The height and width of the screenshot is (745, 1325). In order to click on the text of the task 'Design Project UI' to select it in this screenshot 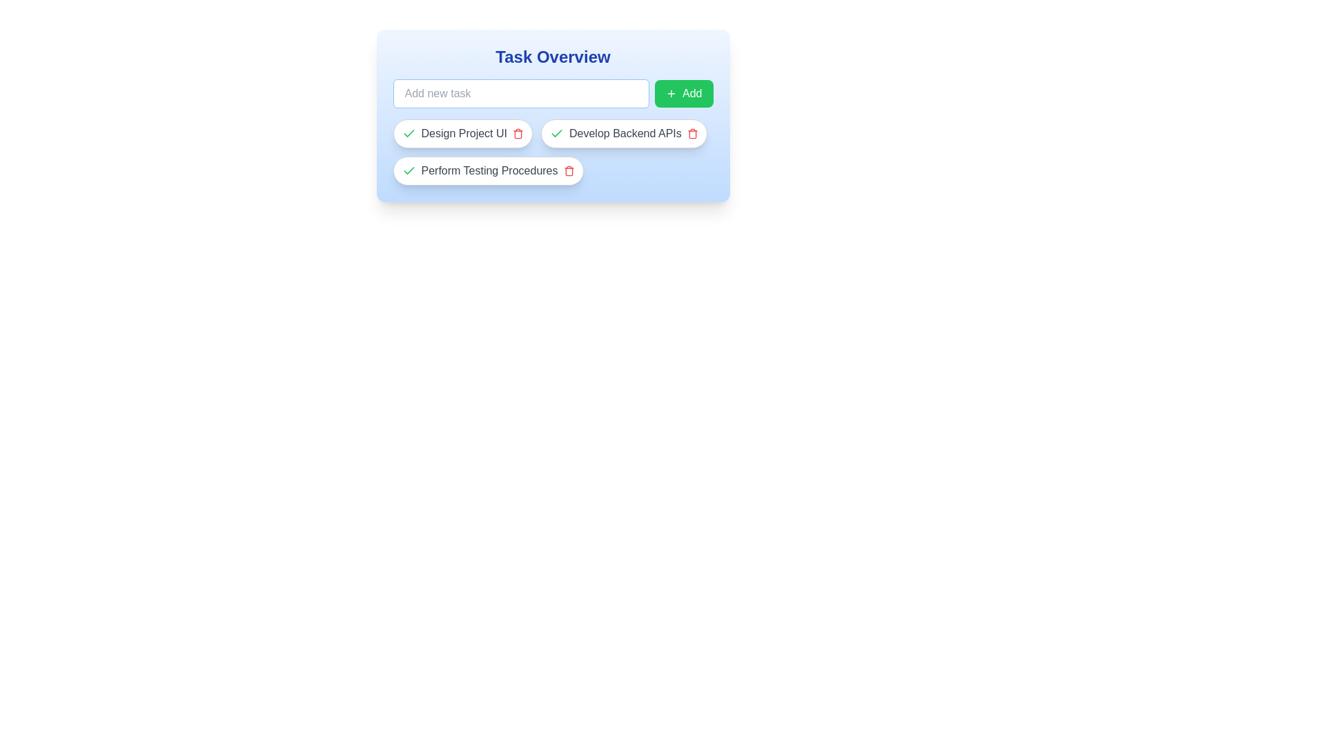, I will do `click(462, 133)`.